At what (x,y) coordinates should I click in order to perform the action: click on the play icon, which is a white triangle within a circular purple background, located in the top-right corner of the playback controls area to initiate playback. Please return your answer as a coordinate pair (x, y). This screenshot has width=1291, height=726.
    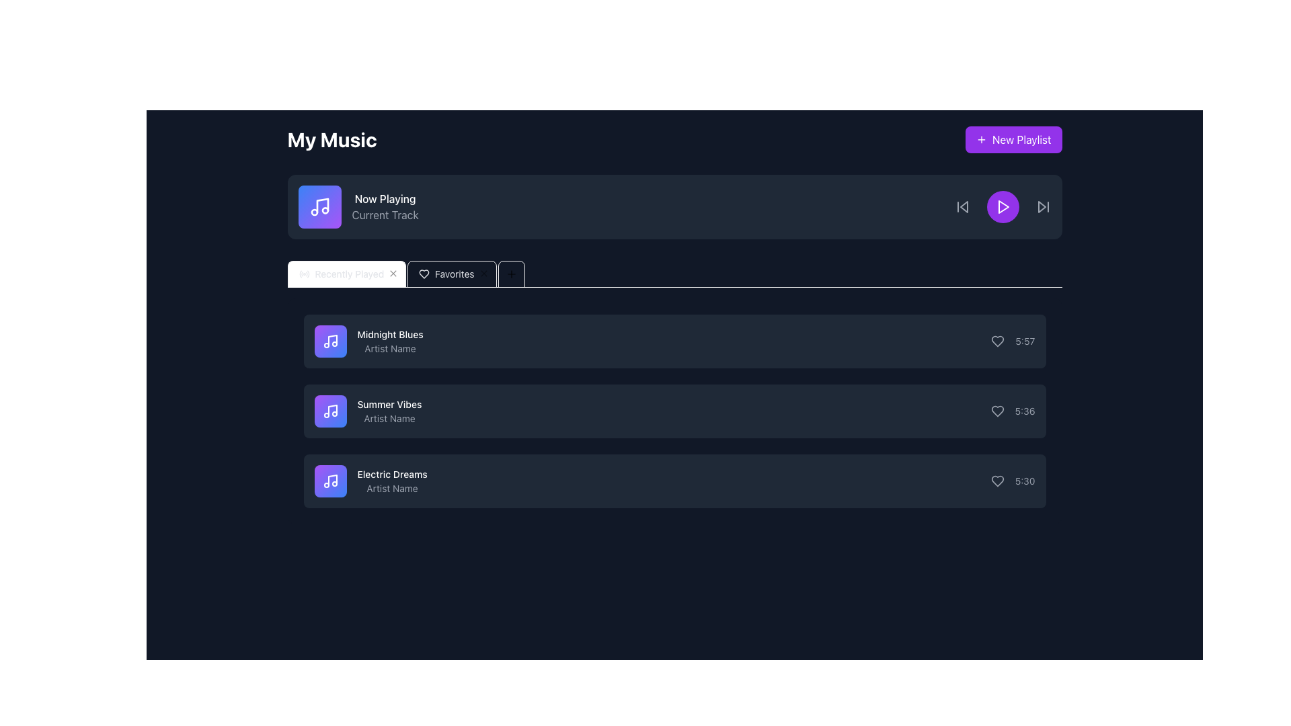
    Looking at the image, I should click on (1003, 207).